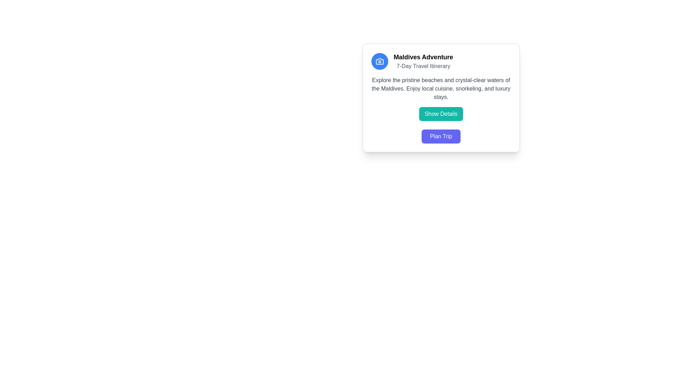 The width and height of the screenshot is (674, 379). Describe the element at coordinates (379, 61) in the screenshot. I see `the photography or travel icon located inside the circular button at the top-left corner of the card-like UI element` at that location.